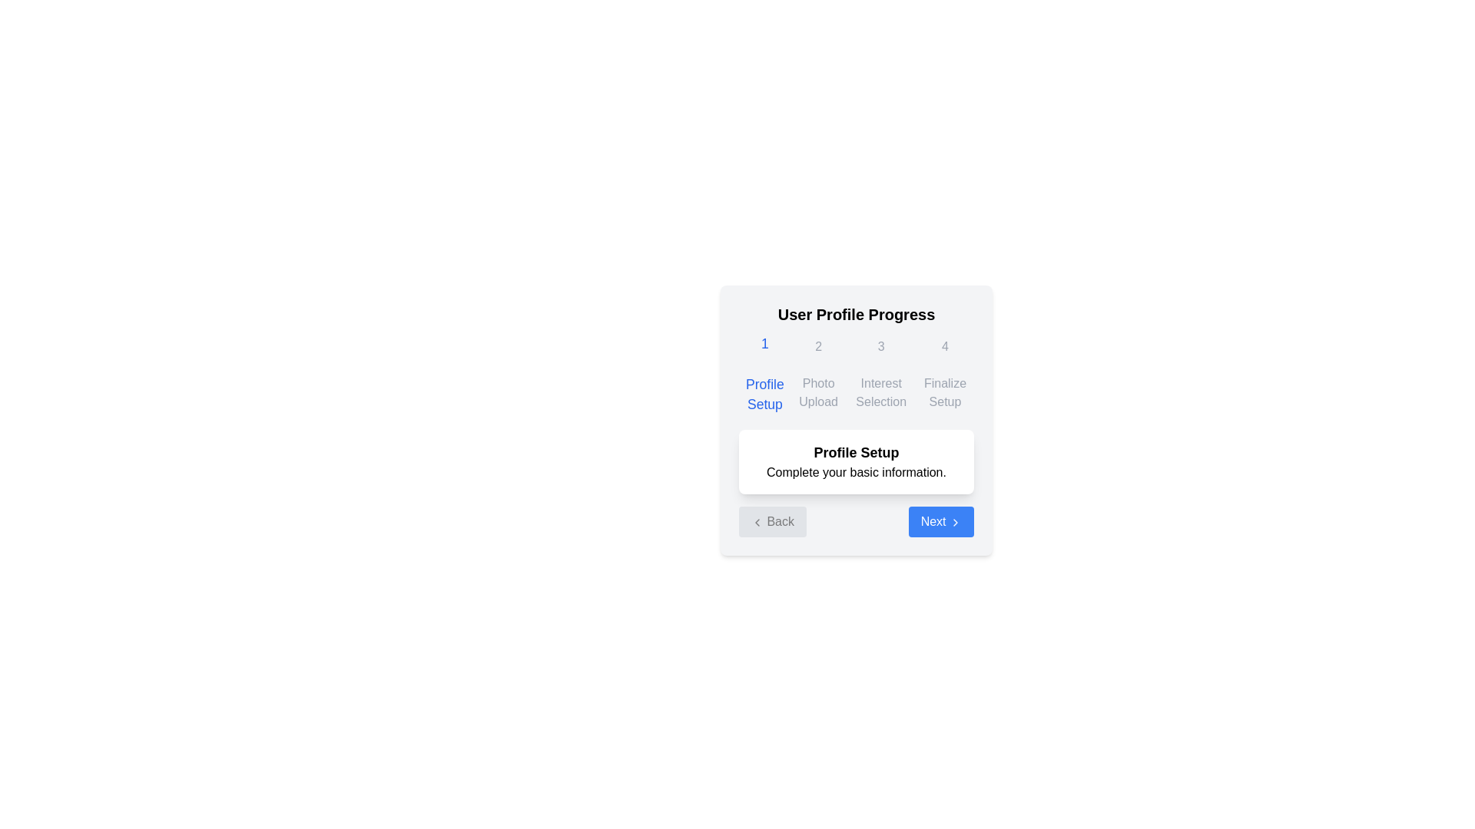 The image size is (1475, 829). Describe the element at coordinates (817, 392) in the screenshot. I see `the descriptive label indicating the current or upcoming step in the photo uploading process, located in the second step of the 'User Profile Progress' interface, beneath the digit '2' and to the right of the 'Profile Setup' label` at that location.